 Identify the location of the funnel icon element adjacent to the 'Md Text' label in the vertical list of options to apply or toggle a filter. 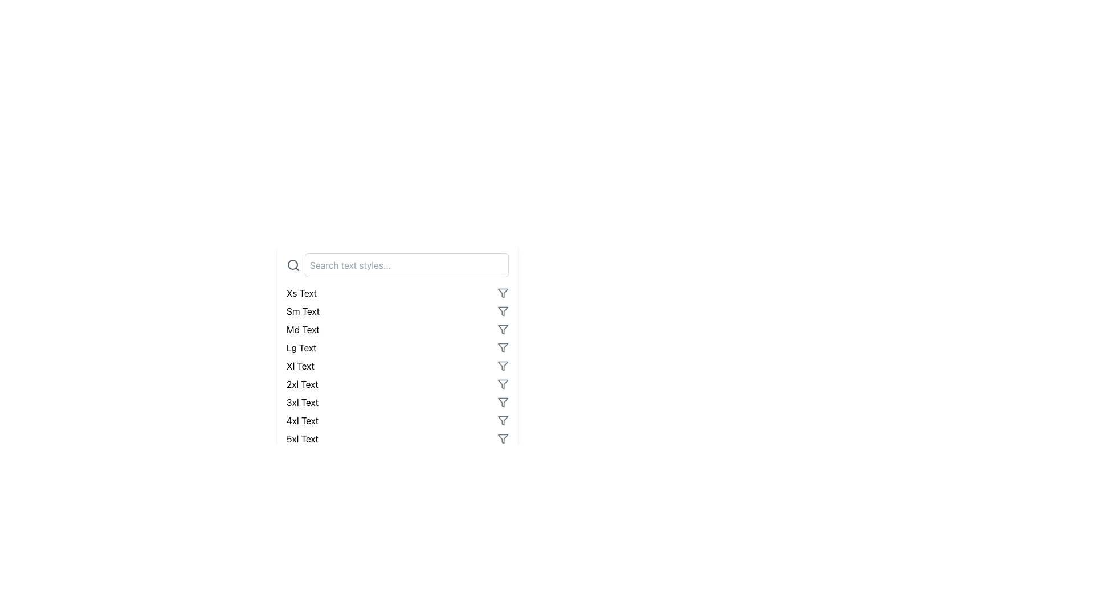
(503, 329).